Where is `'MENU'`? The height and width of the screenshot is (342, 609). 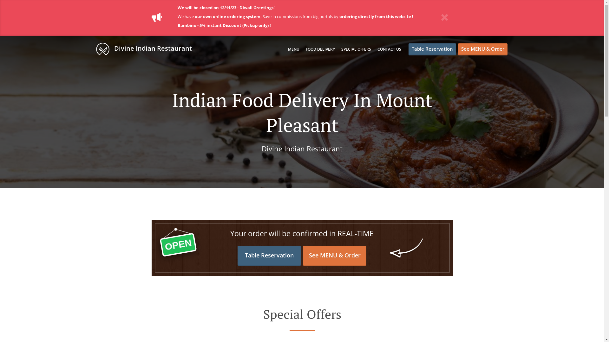
'MENU' is located at coordinates (293, 49).